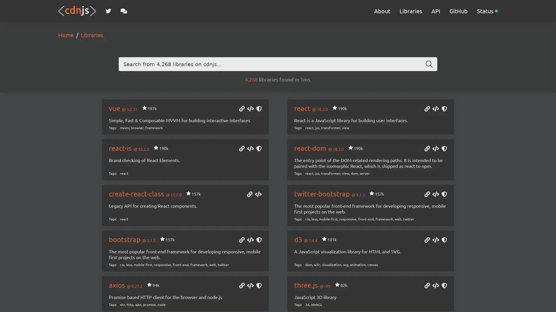  Describe the element at coordinates (258, 195) in the screenshot. I see `Copy Script Tag` at that location.